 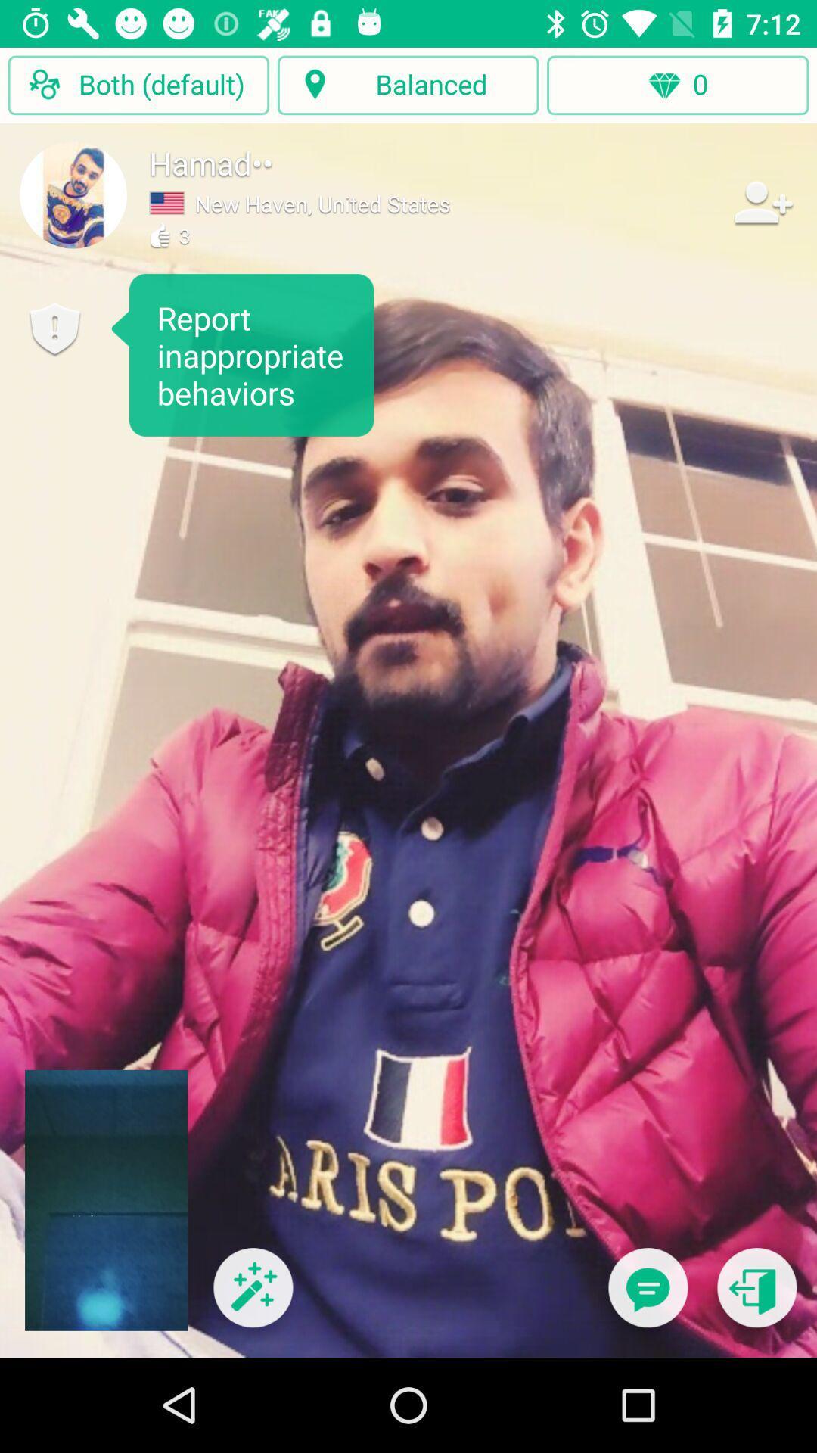 What do you see at coordinates (252, 1296) in the screenshot?
I see `the icon below report inappropriate behaviors` at bounding box center [252, 1296].